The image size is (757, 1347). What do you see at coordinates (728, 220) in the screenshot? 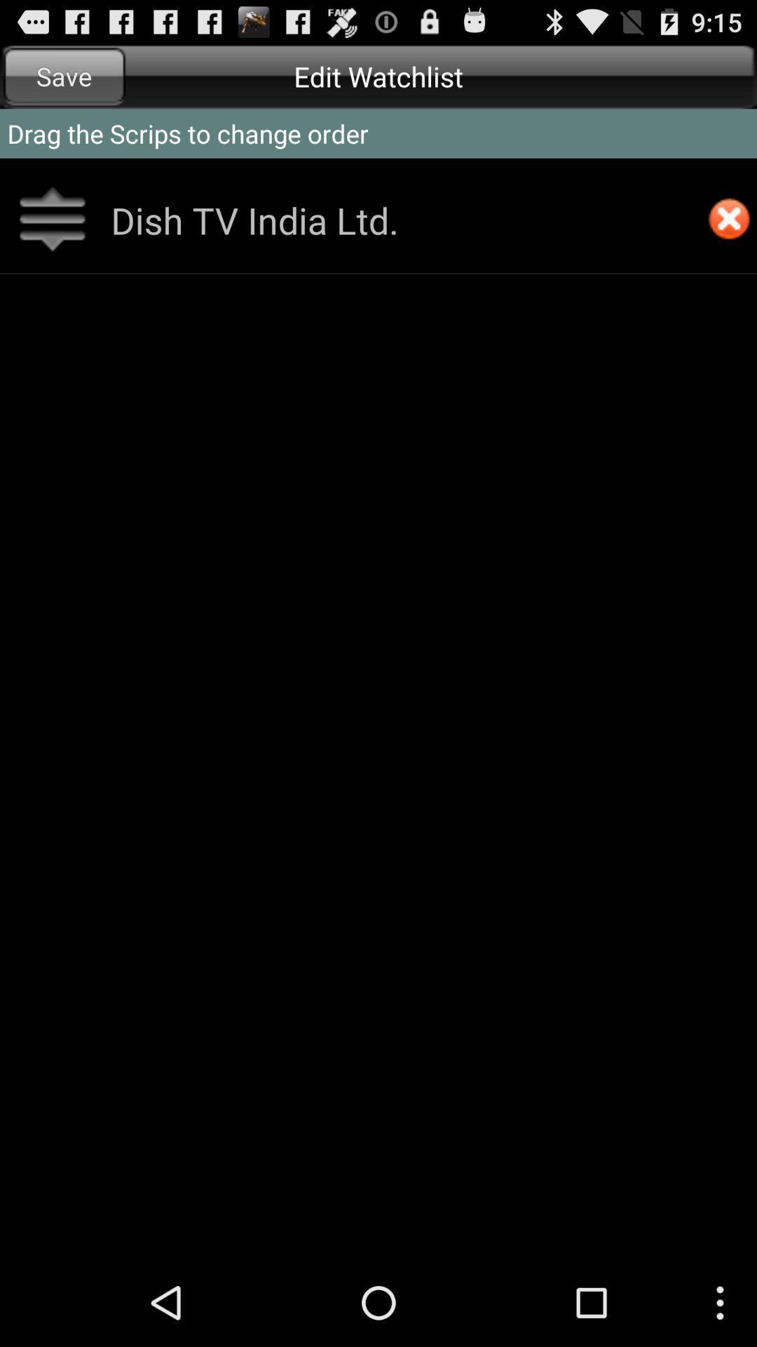
I see `delete option` at bounding box center [728, 220].